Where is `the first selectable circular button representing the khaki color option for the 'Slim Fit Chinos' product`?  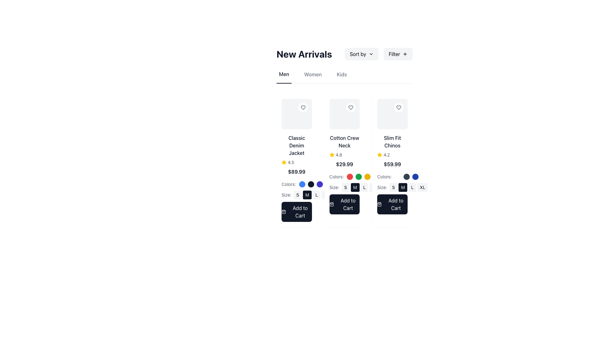
the first selectable circular button representing the khaki color option for the 'Slim Fit Chinos' product is located at coordinates (398, 177).